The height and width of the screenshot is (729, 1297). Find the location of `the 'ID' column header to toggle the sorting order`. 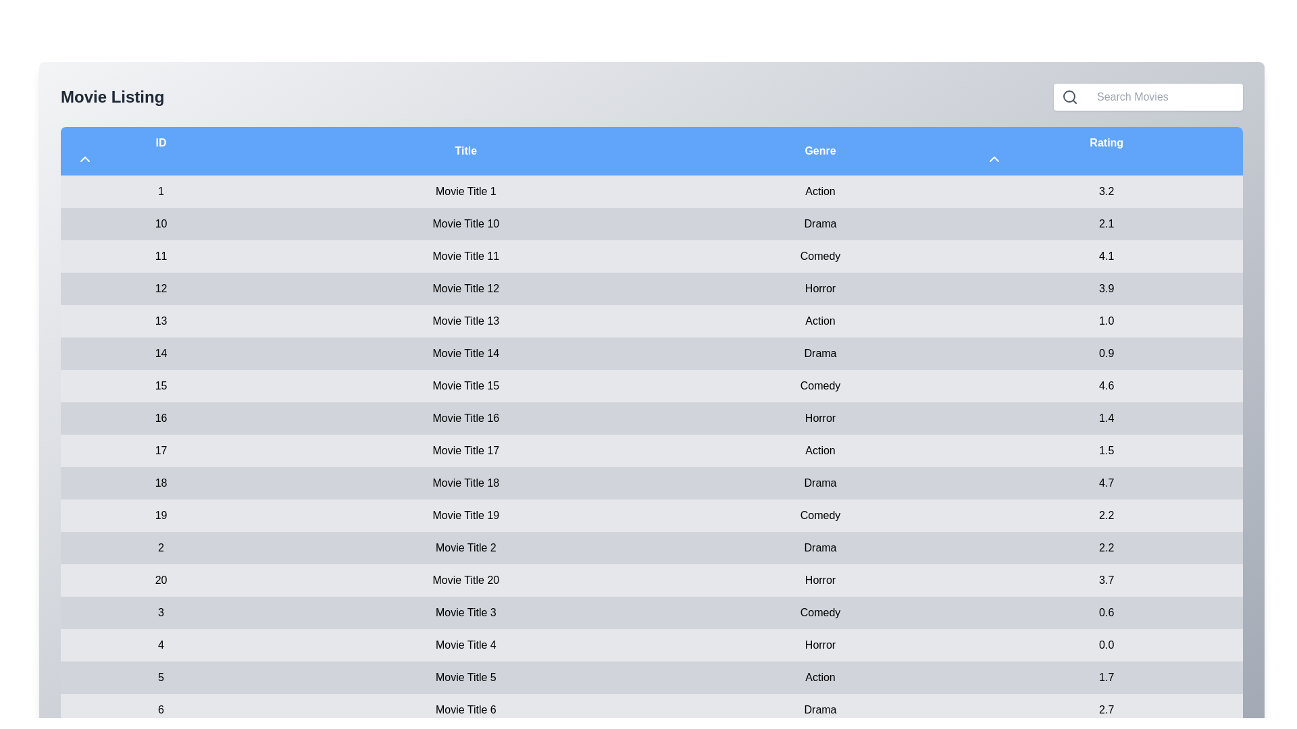

the 'ID' column header to toggle the sorting order is located at coordinates (84, 158).